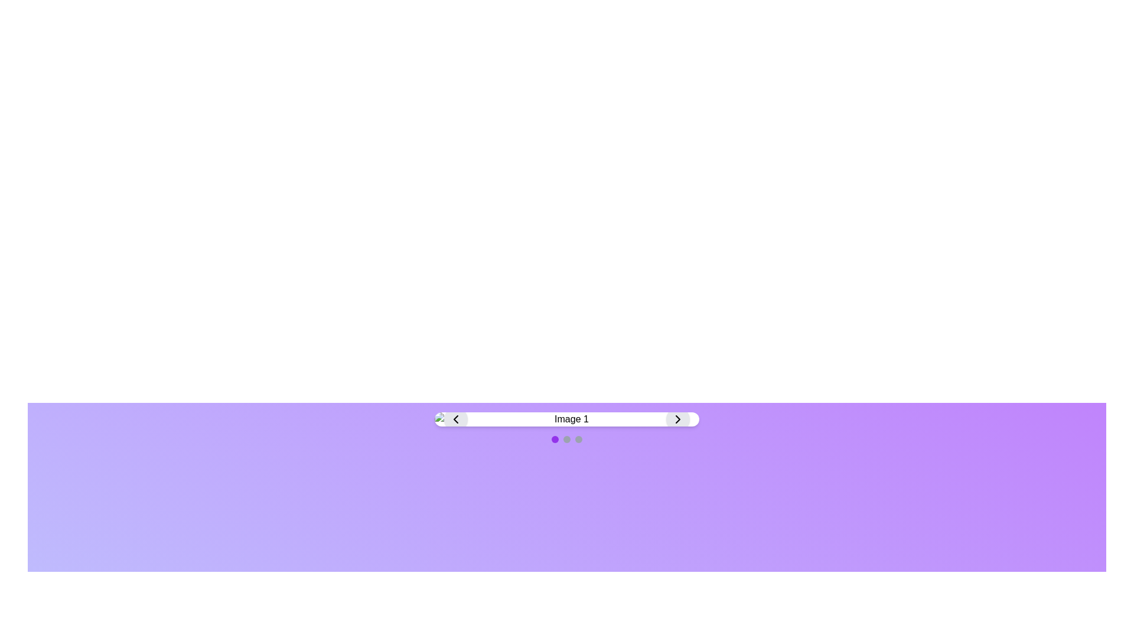  What do you see at coordinates (677, 418) in the screenshot?
I see `the circular button with a light gray background and a rightward-facing chevron icon` at bounding box center [677, 418].